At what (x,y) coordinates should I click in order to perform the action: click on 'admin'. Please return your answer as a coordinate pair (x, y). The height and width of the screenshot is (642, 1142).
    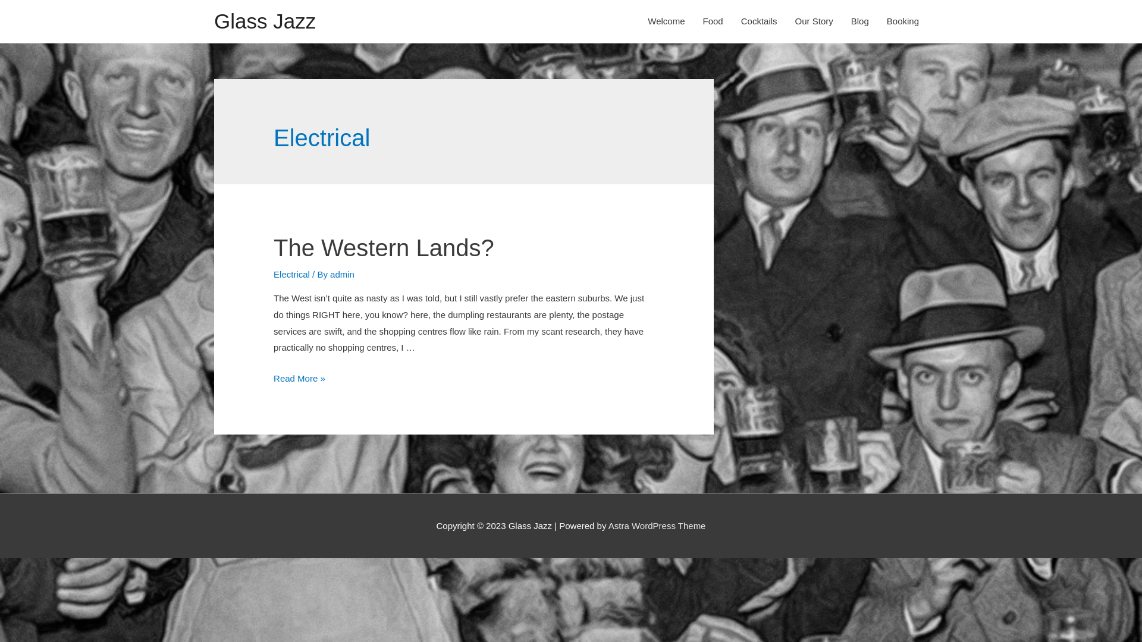
    Looking at the image, I should click on (341, 274).